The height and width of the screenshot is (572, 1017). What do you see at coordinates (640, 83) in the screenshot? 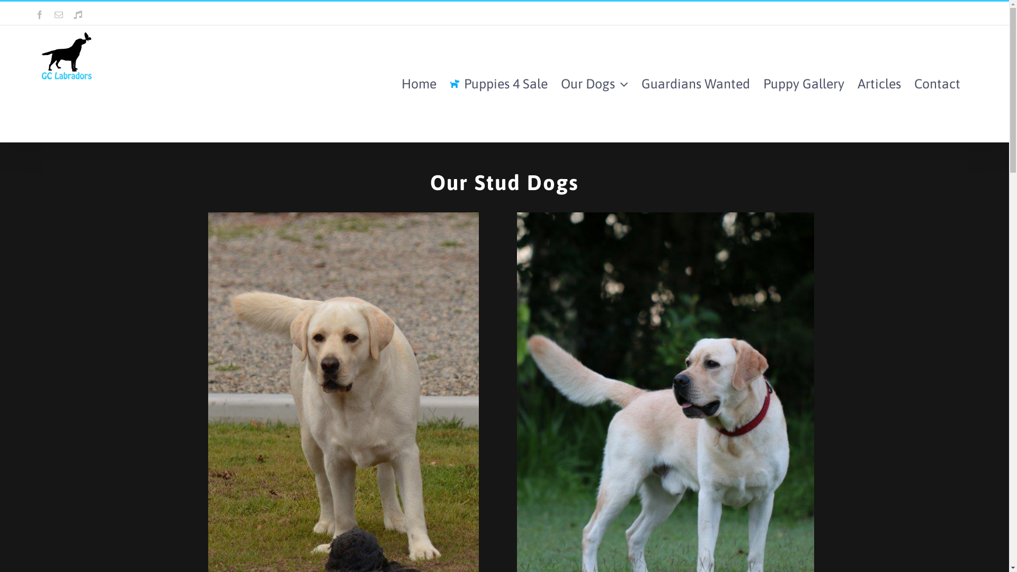
I see `'Guardians Wanted'` at bounding box center [640, 83].